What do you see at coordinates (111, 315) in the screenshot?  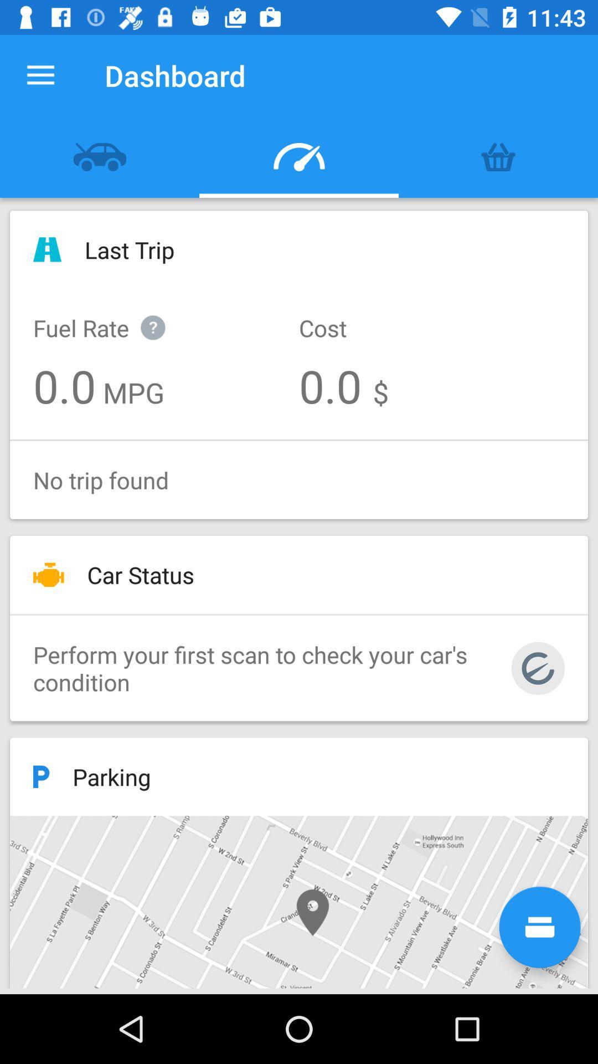 I see `icon below the last trip icon` at bounding box center [111, 315].